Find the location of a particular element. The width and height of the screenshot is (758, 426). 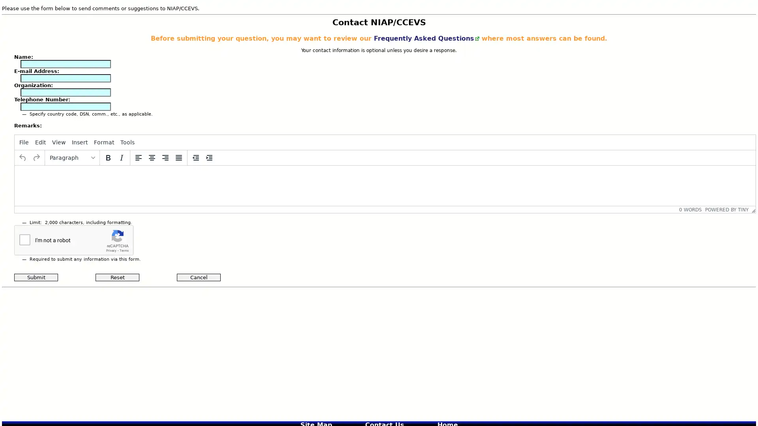

Italic is located at coordinates (121, 158).